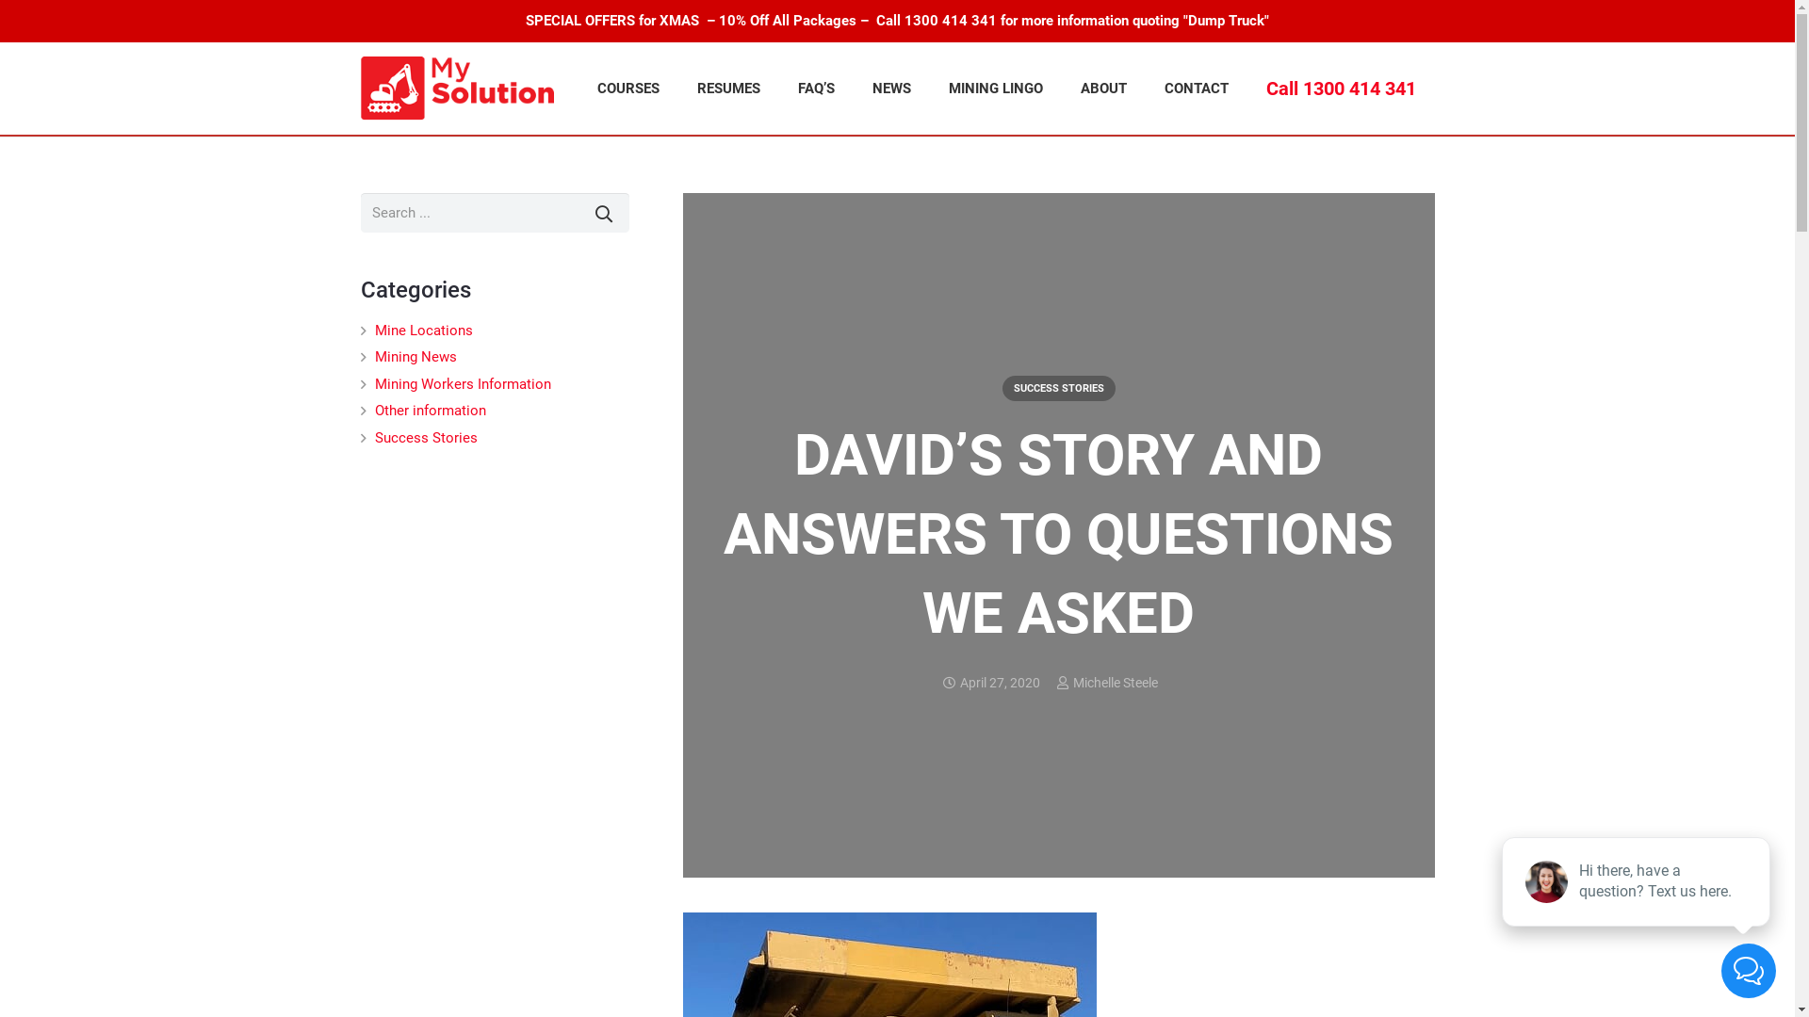 This screenshot has width=1809, height=1017. I want to click on 'Michelle Steele', so click(1114, 683).